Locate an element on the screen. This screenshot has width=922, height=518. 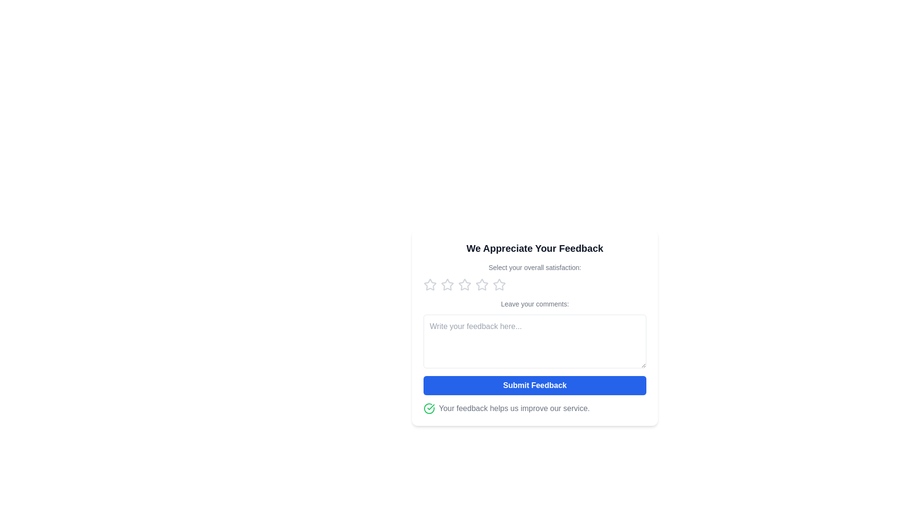
the third star icon from the left in the rating system is located at coordinates (499, 284).